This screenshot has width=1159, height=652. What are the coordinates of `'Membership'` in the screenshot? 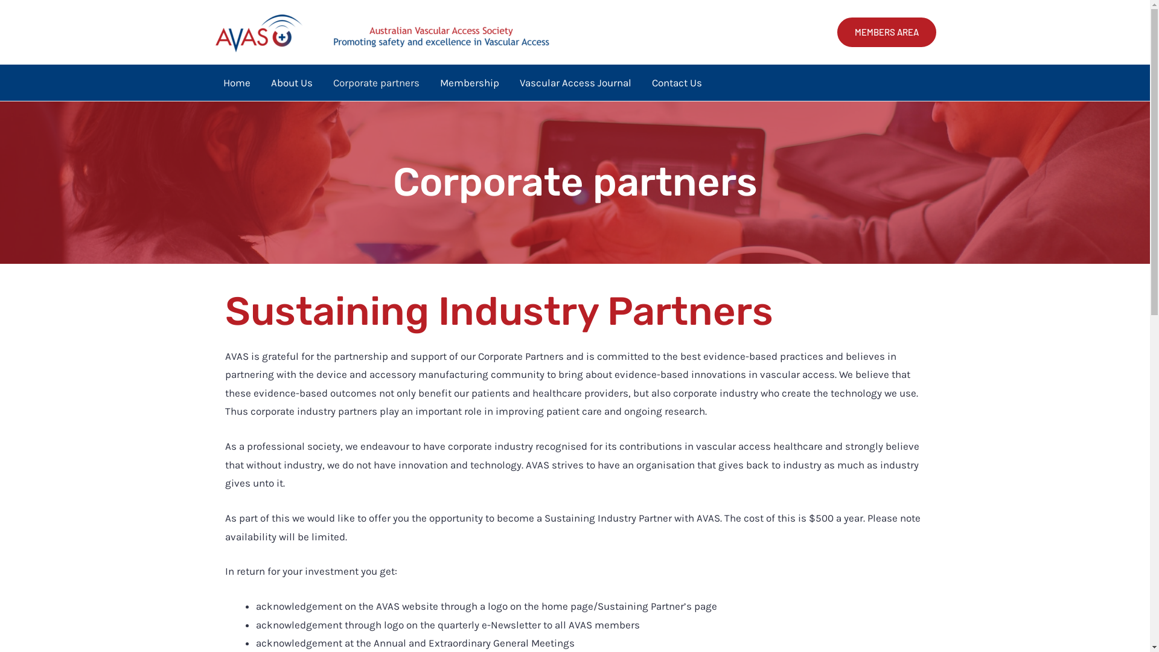 It's located at (468, 82).